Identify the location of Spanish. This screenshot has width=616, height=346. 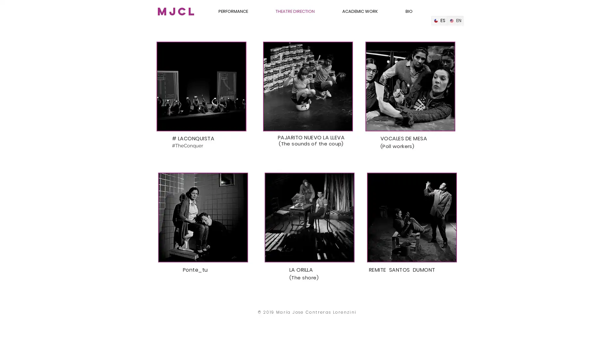
(439, 21).